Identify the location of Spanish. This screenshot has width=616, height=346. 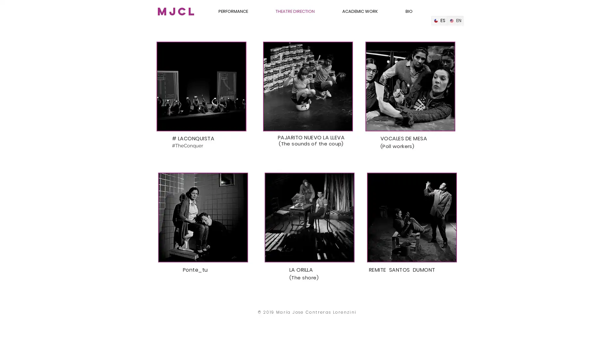
(439, 21).